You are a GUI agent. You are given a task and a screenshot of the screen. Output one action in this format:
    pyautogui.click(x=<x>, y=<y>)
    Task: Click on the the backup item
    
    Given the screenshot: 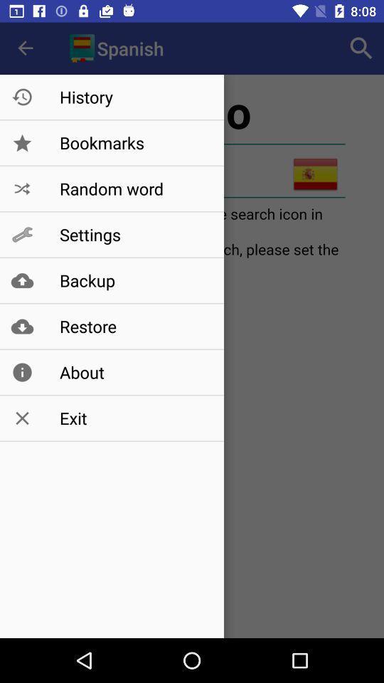 What is the action you would take?
    pyautogui.click(x=134, y=280)
    